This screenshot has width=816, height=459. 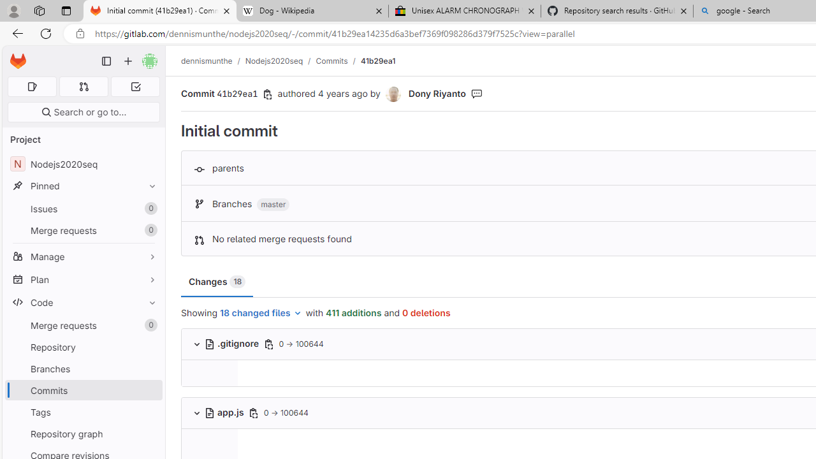 I want to click on 'NNodejs2020seq', so click(x=83, y=163).